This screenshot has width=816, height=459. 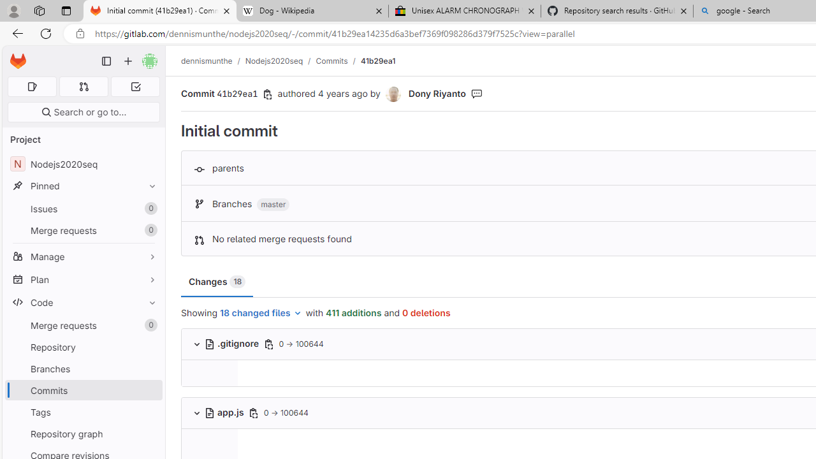 I want to click on 'NNodejs2020seq', so click(x=83, y=163).